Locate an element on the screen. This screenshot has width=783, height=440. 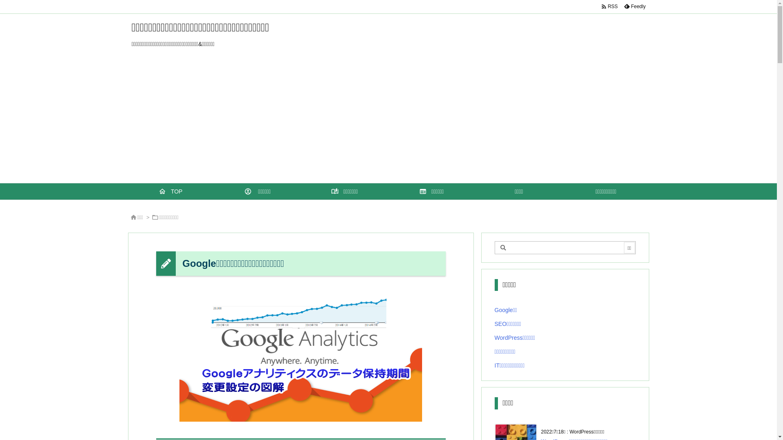
'  Feedly ' is located at coordinates (620, 6).